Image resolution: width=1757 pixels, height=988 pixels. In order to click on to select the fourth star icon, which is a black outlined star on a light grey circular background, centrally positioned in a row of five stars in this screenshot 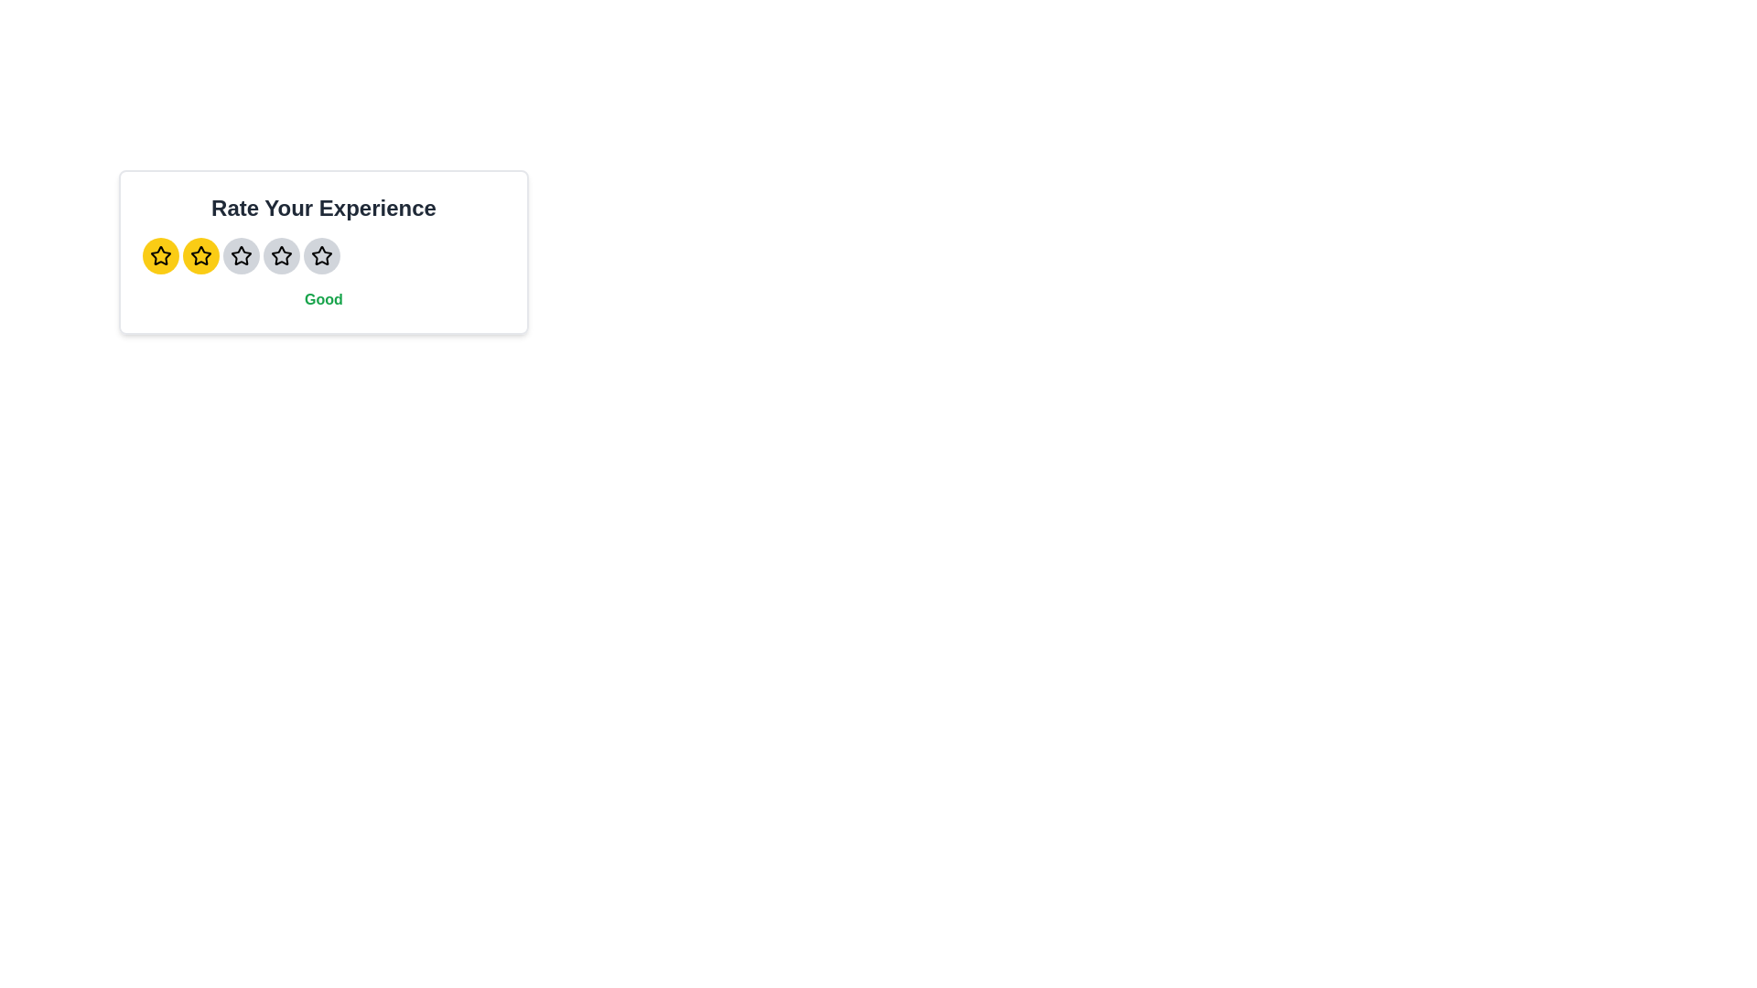, I will do `click(280, 256)`.